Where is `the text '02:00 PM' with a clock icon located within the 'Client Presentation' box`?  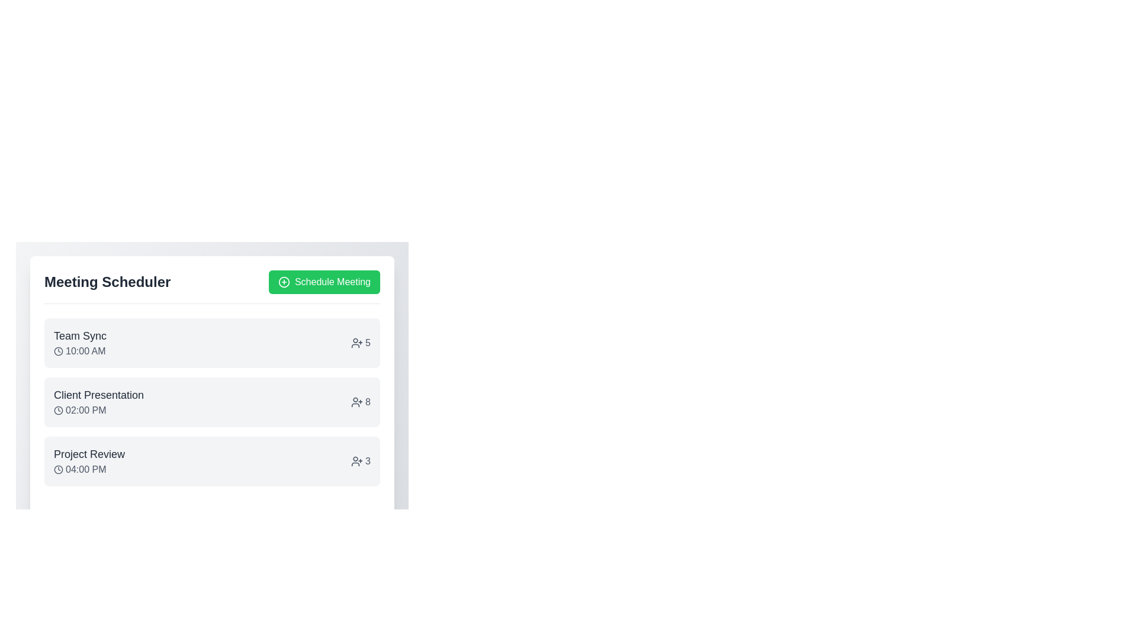 the text '02:00 PM' with a clock icon located within the 'Client Presentation' box is located at coordinates (99, 410).